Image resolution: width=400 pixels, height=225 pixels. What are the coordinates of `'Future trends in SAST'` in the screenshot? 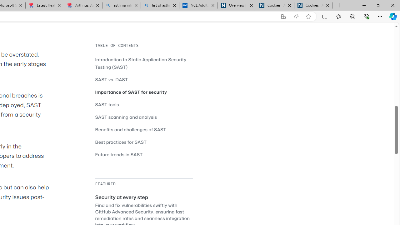 It's located at (143, 154).